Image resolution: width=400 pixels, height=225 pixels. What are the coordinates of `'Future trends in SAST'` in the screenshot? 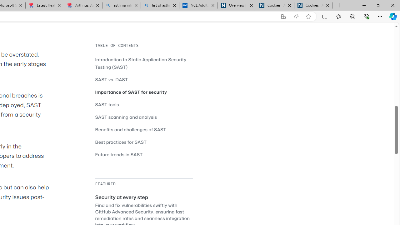 It's located at (143, 154).